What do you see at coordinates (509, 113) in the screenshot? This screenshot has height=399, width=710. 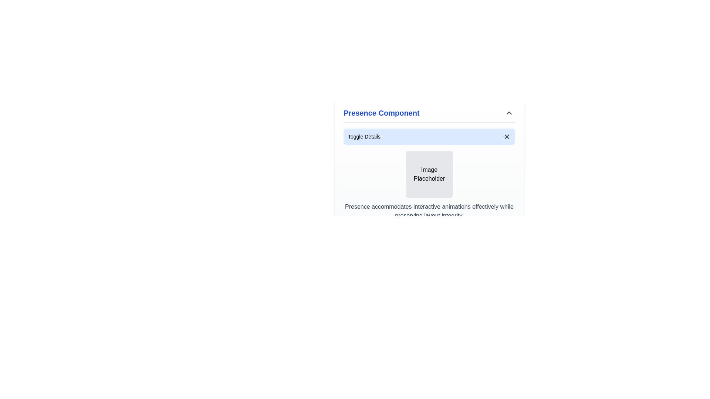 I see `the upward-pointing chevron icon located in the upper-right corner of the 'Presence Component' section to trigger tooltips or visual feedback` at bounding box center [509, 113].